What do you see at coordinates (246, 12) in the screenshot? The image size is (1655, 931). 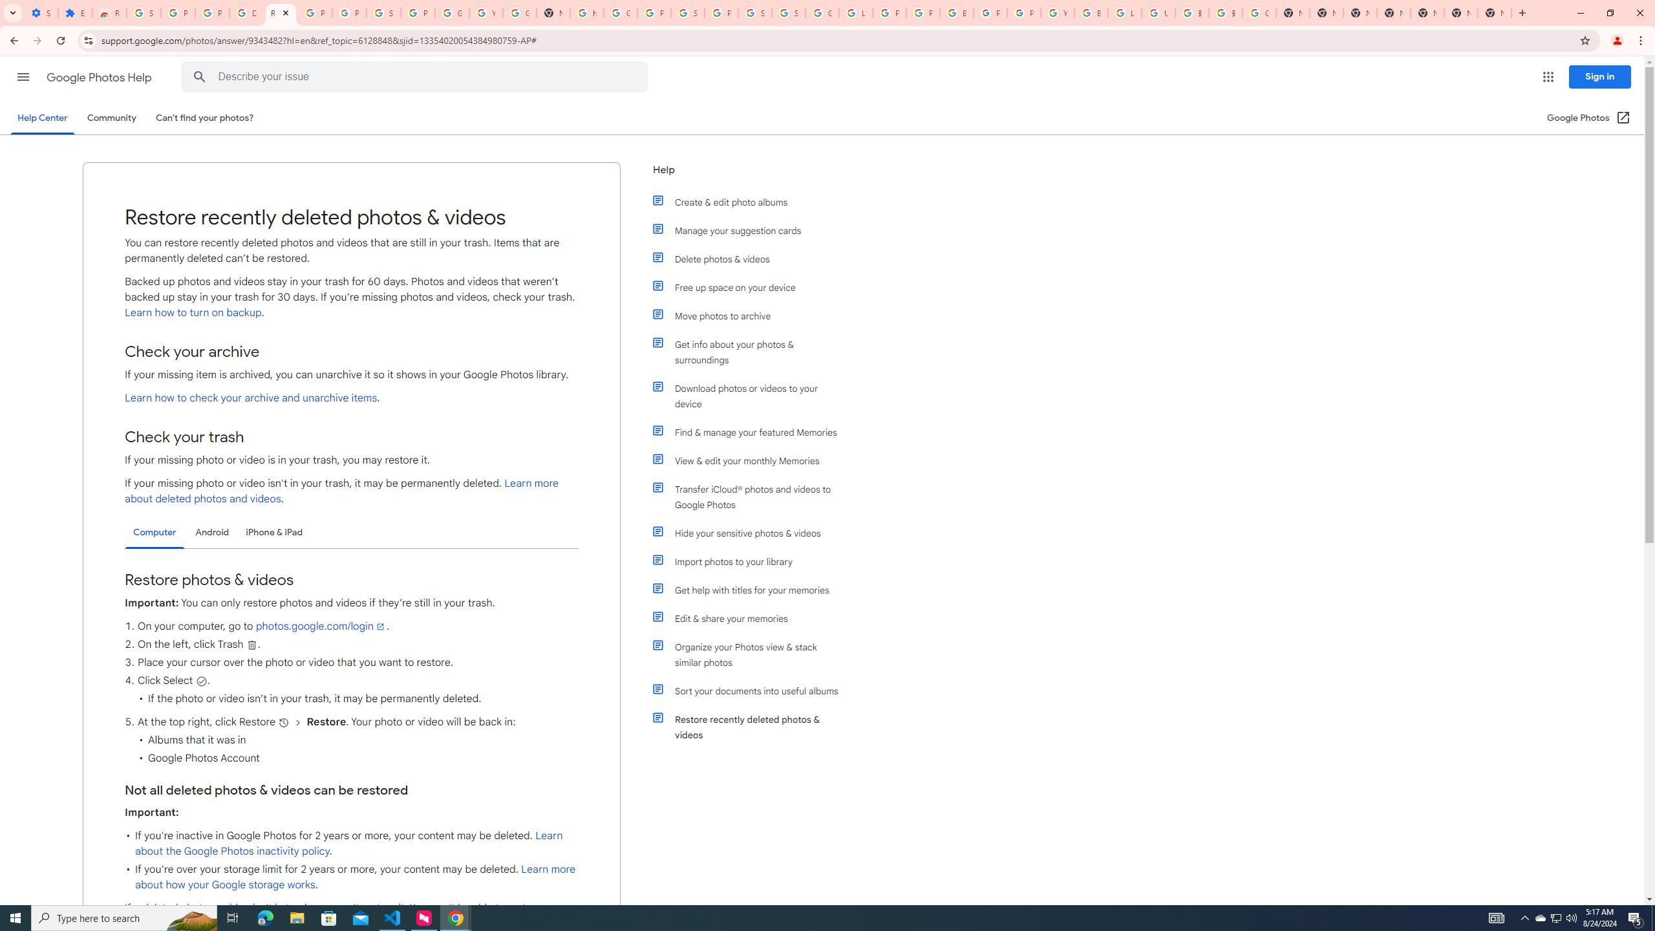 I see `'Delete photos & videos - Computer - Google Photos Help'` at bounding box center [246, 12].